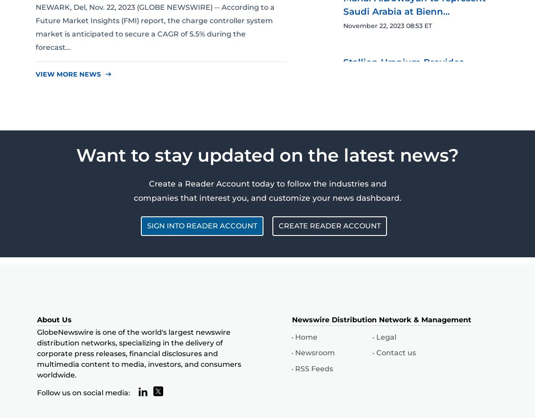  Describe the element at coordinates (329, 225) in the screenshot. I see `'CREATE READER ACCOUNT'` at that location.